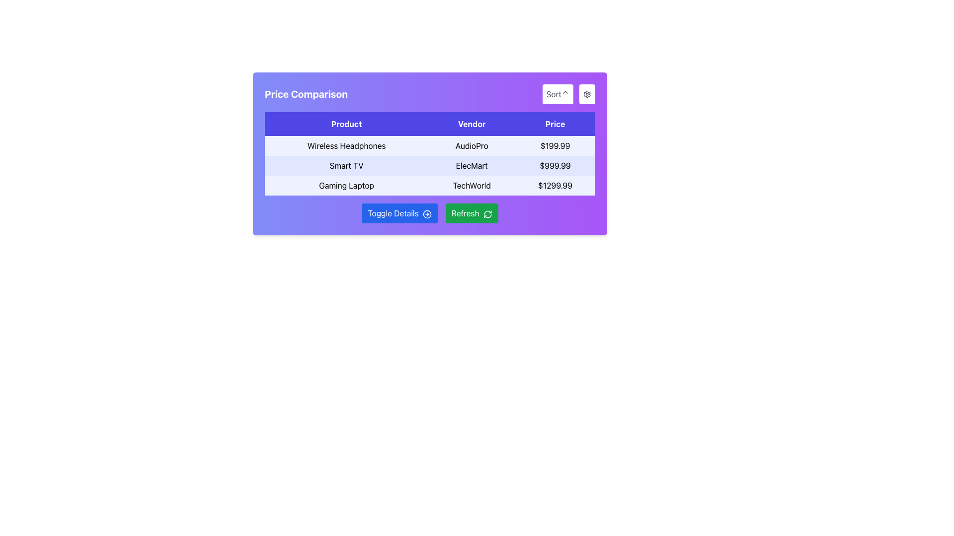 The height and width of the screenshot is (536, 954). What do you see at coordinates (427, 213) in the screenshot?
I see `the presence of the icon located inside the blue 'Toggle Details' button, positioned towards the far right adjacent to the text` at bounding box center [427, 213].